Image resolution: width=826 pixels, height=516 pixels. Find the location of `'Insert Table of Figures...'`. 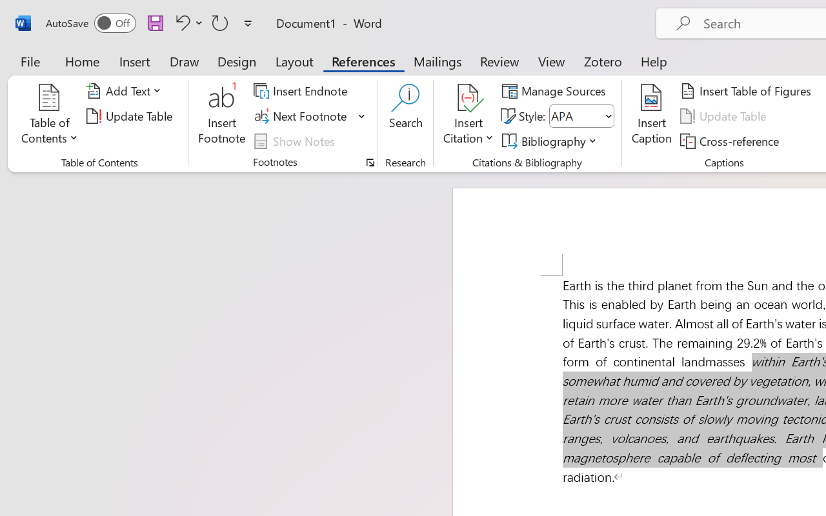

'Insert Table of Figures...' is located at coordinates (748, 91).